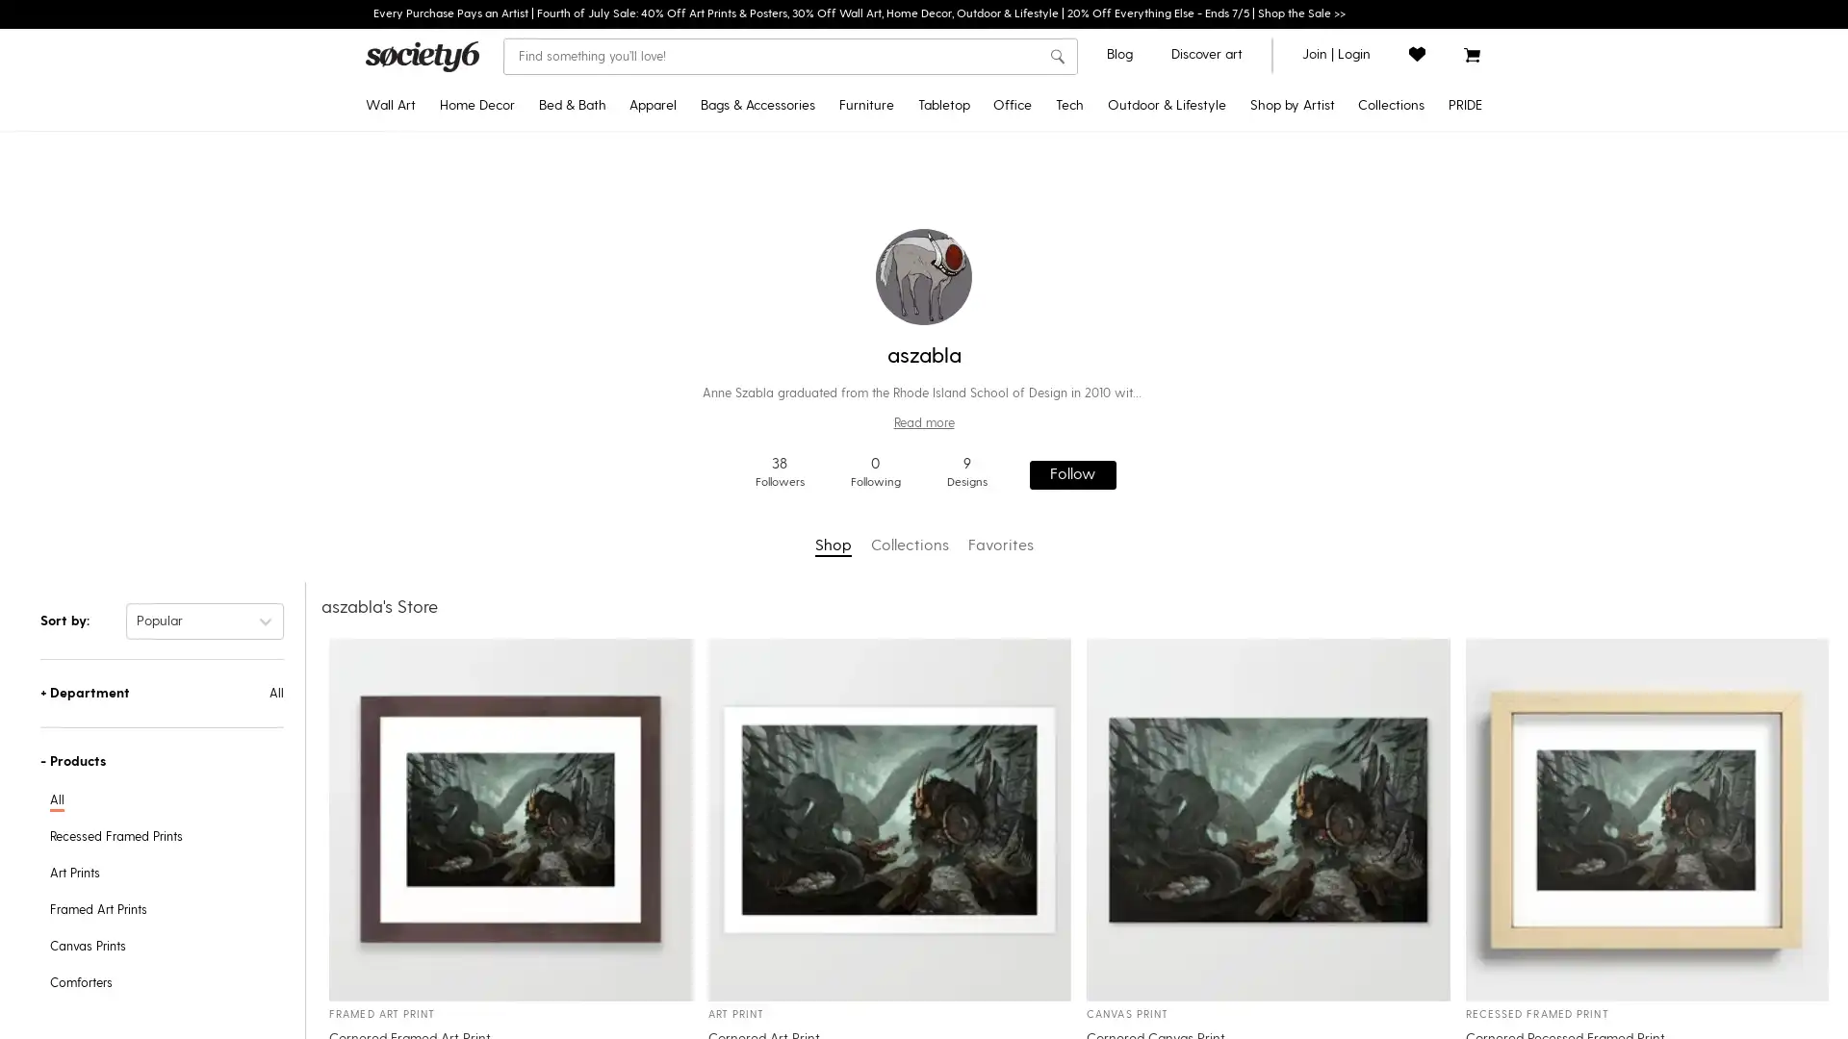  Describe the element at coordinates (1388, 185) in the screenshot. I see `Discover LGBTQIA+ Artists` at that location.